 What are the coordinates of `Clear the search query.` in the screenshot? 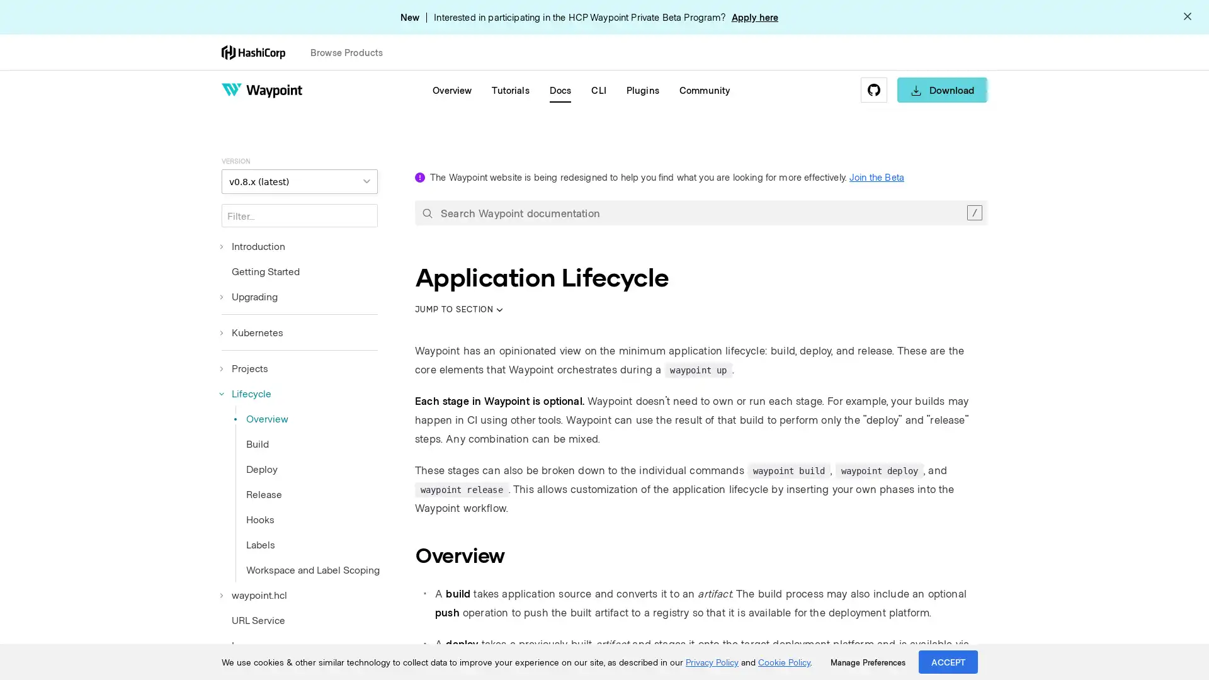 It's located at (973, 212).